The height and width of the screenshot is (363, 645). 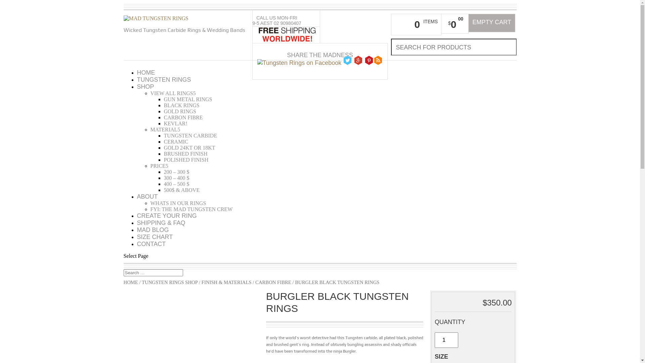 What do you see at coordinates (164, 79) in the screenshot?
I see `'TUNGSTEN RINGS'` at bounding box center [164, 79].